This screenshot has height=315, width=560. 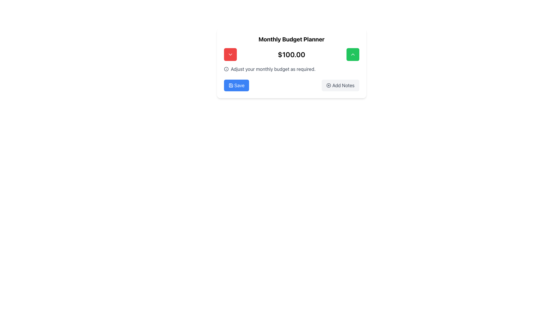 What do you see at coordinates (329, 85) in the screenshot?
I see `the circular '+' icon that is part of the 'Add Notes' button located at the bottom right of the interface` at bounding box center [329, 85].